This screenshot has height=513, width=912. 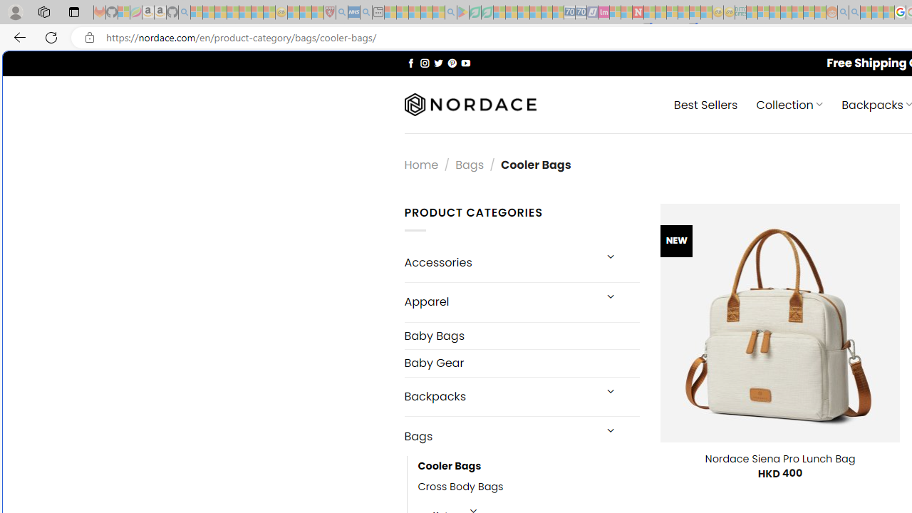 What do you see at coordinates (424, 62) in the screenshot?
I see `'Follow on Instagram'` at bounding box center [424, 62].